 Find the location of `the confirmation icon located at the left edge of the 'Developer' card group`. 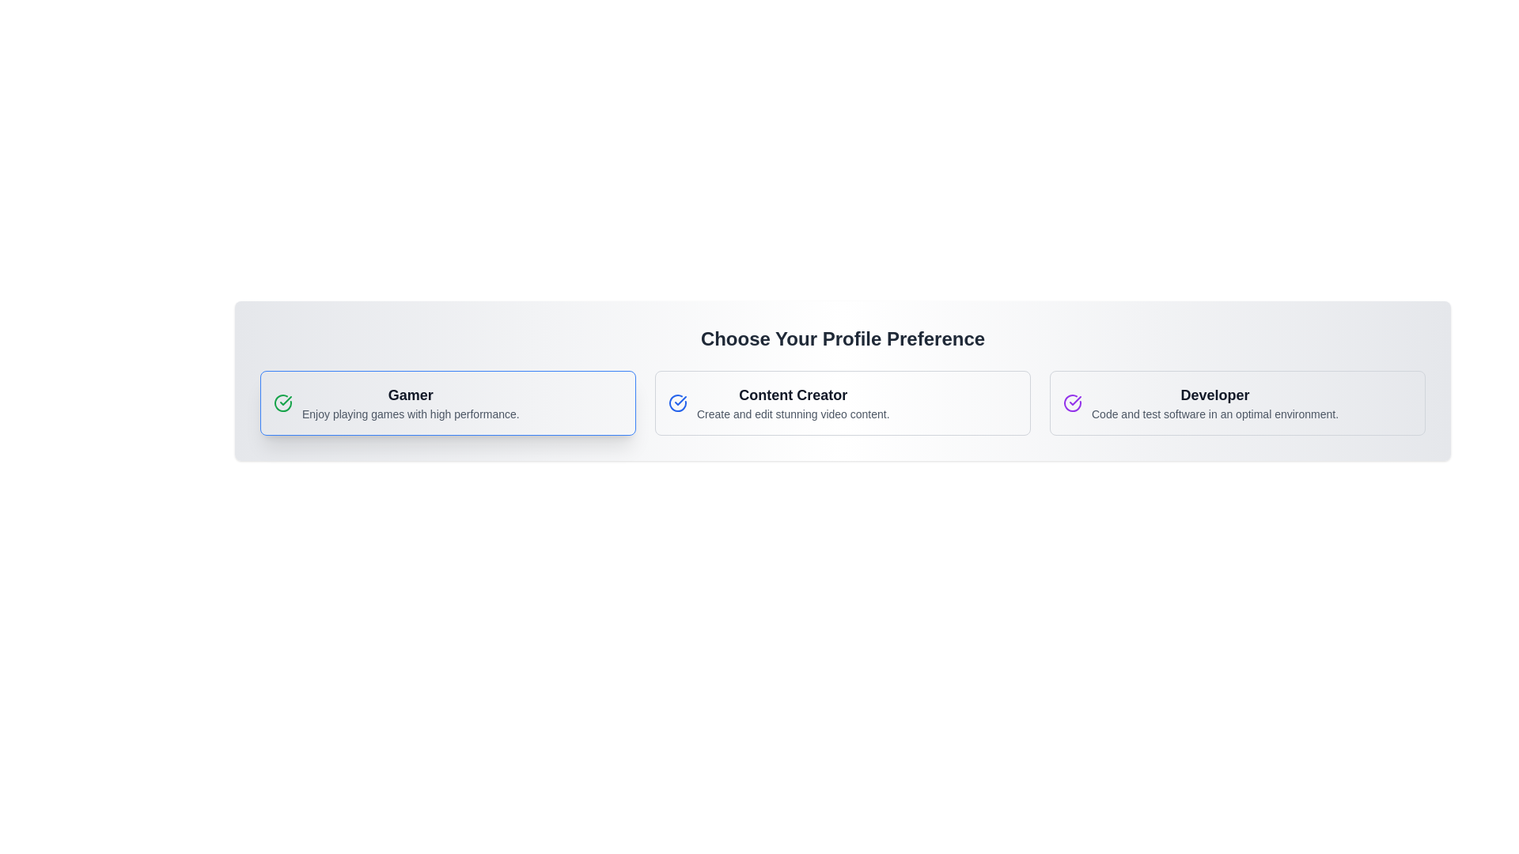

the confirmation icon located at the left edge of the 'Developer' card group is located at coordinates (1073, 402).